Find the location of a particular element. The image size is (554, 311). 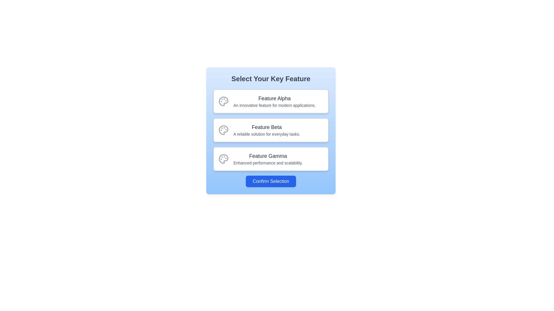

the painter's palette icon located next to the text 'Feature Beta' in the interface is located at coordinates (223, 130).